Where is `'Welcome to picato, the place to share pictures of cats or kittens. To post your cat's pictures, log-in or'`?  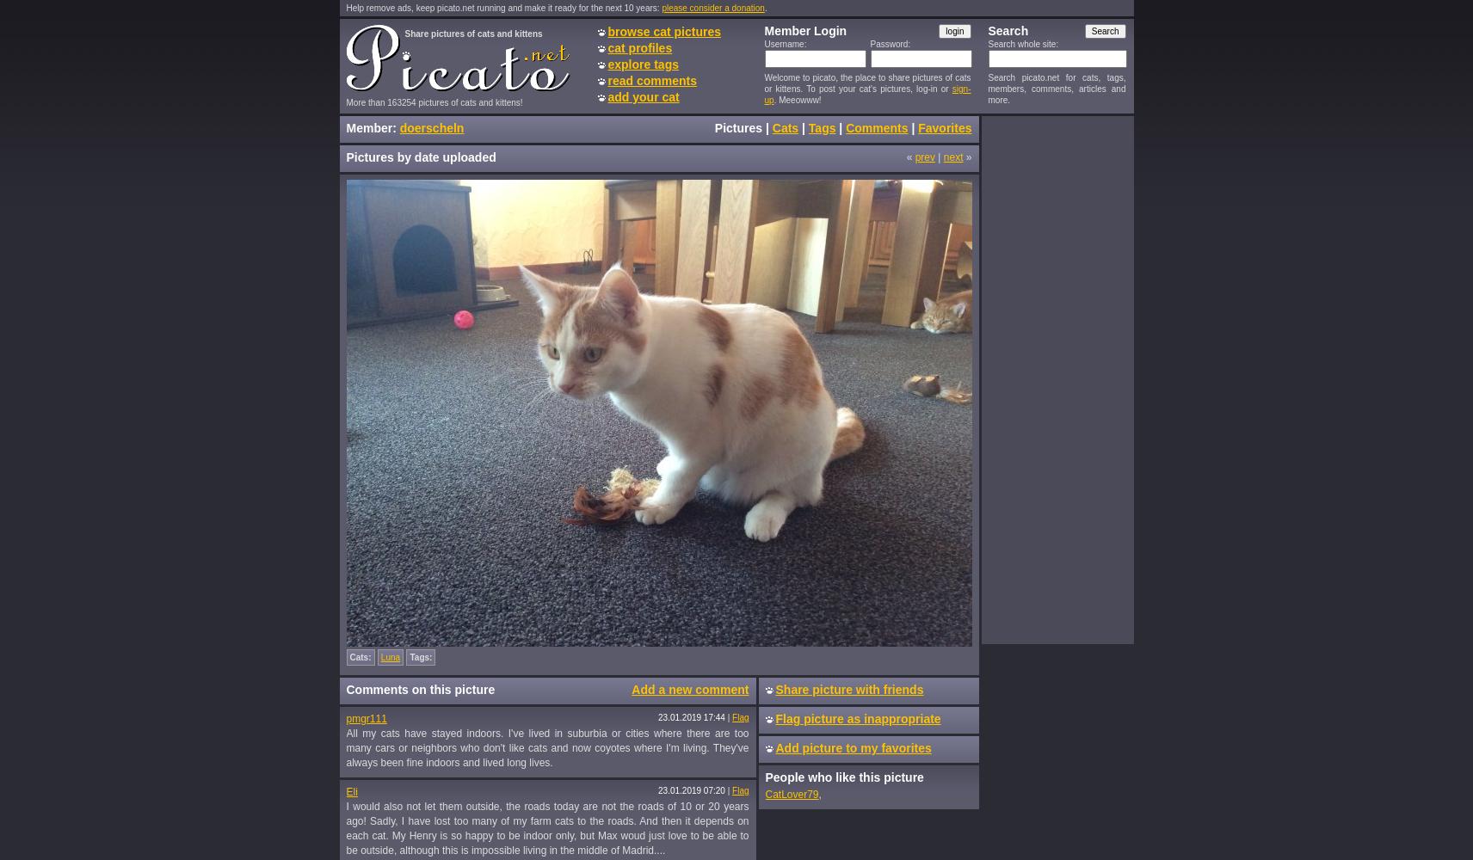 'Welcome to picato, the place to share pictures of cats or kittens. To post your cat's pictures, log-in or' is located at coordinates (866, 83).